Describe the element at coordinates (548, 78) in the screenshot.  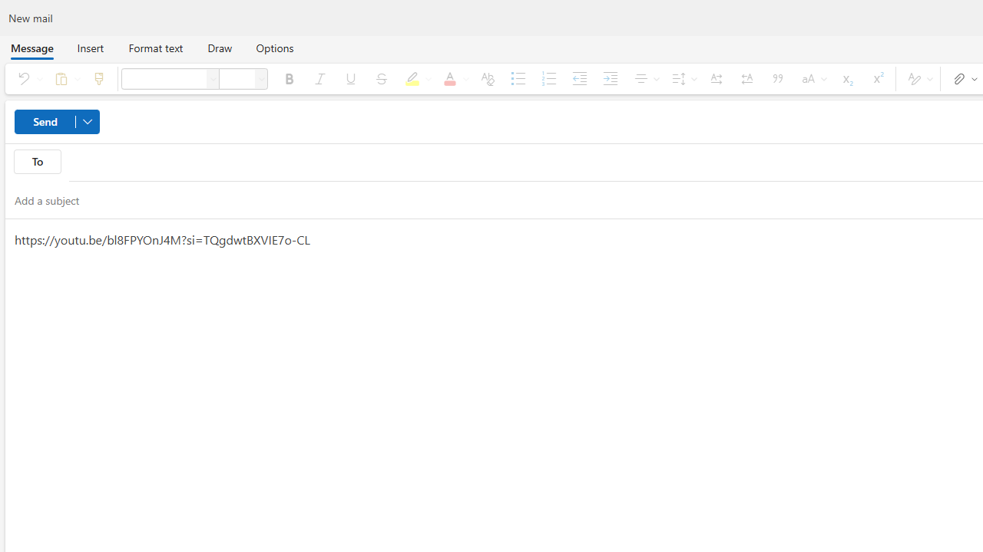
I see `'Numbering'` at that location.